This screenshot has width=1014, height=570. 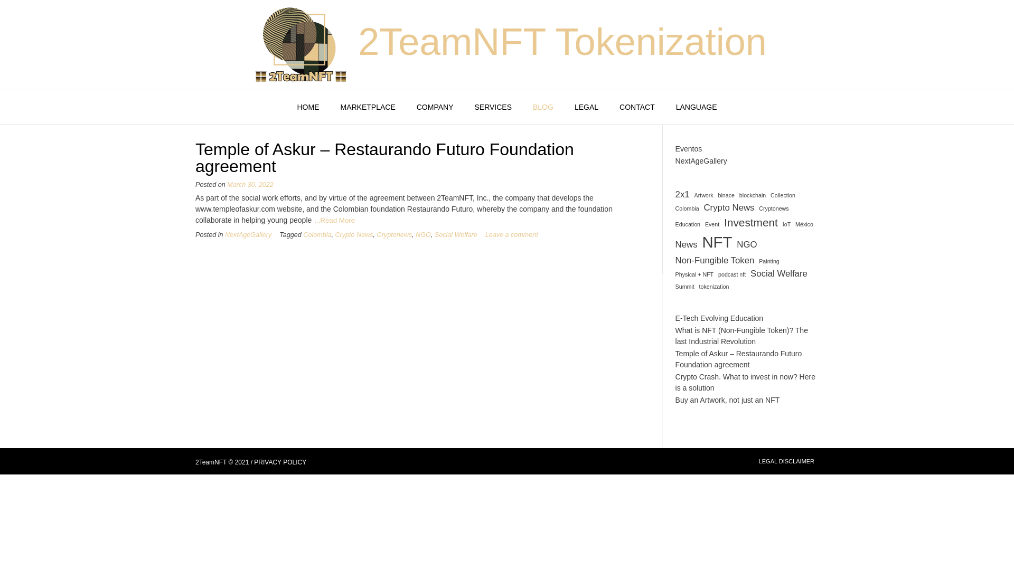 What do you see at coordinates (771, 195) in the screenshot?
I see `'Collection'` at bounding box center [771, 195].